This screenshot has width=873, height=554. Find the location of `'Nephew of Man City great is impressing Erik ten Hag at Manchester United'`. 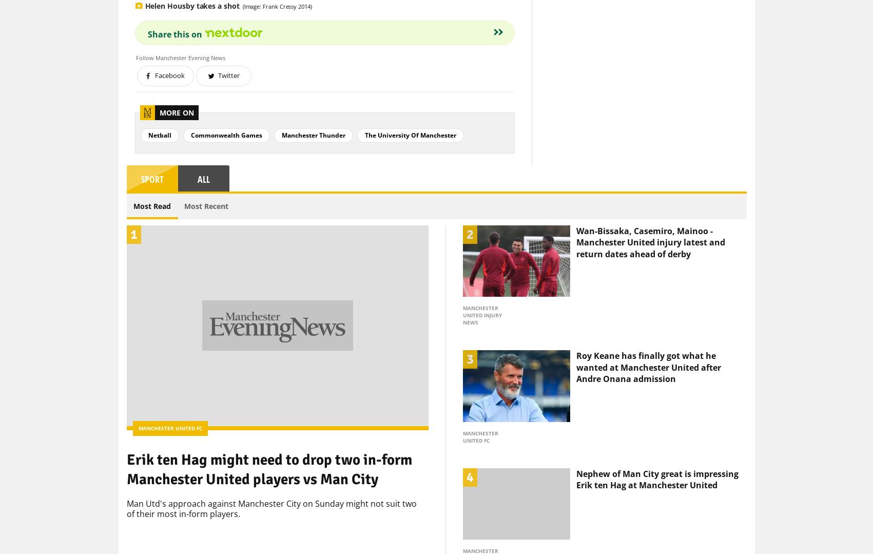

'Nephew of Man City great is impressing Erik ten Hag at Manchester United' is located at coordinates (657, 461).